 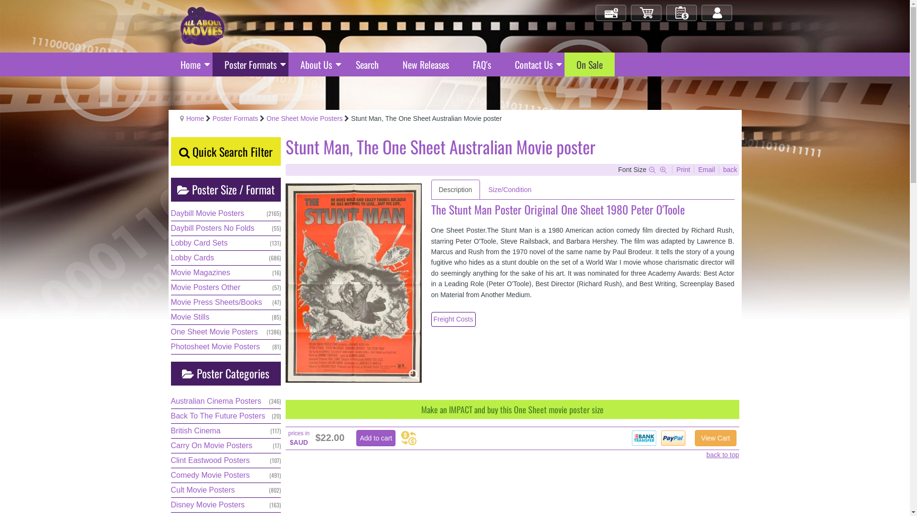 I want to click on 'Comedy Movie Posters, so click(x=225, y=475).